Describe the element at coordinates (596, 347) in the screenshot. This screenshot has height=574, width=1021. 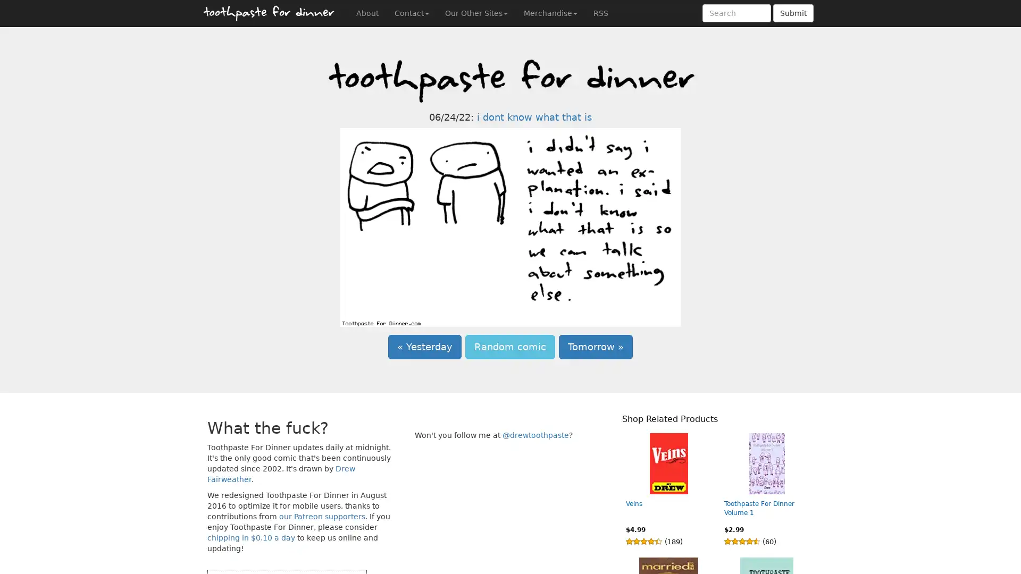
I see `Tomorrow` at that location.